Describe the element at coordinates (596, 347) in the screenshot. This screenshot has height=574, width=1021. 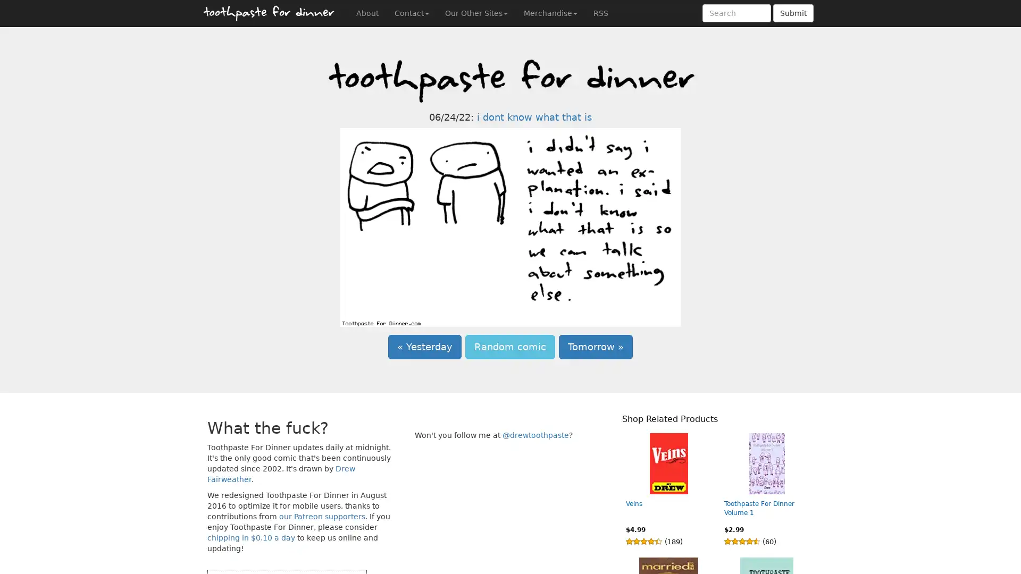
I see `Tomorrow` at that location.